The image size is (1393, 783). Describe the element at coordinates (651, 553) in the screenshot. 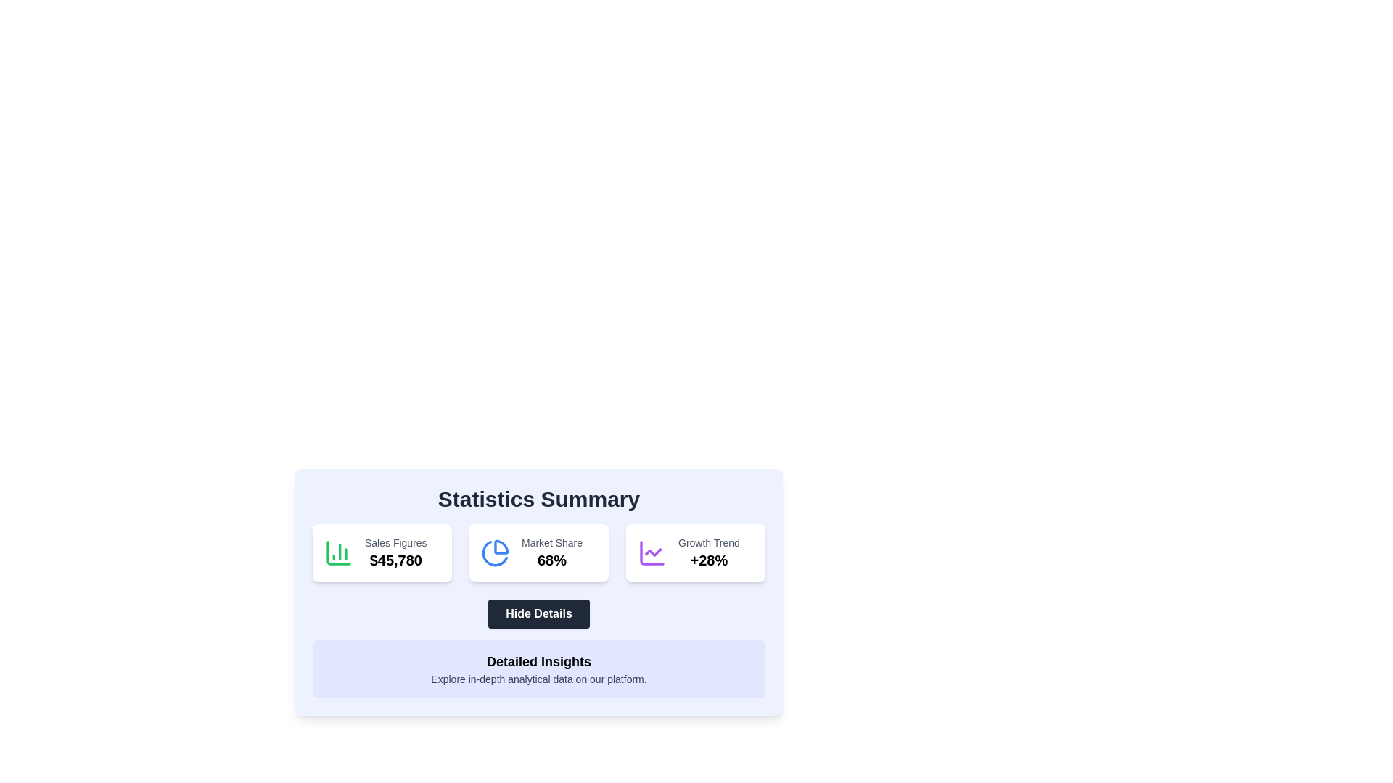

I see `the purple line chart icon representing the growth trend located in the rightmost statistics card at the bottom center of the interface` at that location.